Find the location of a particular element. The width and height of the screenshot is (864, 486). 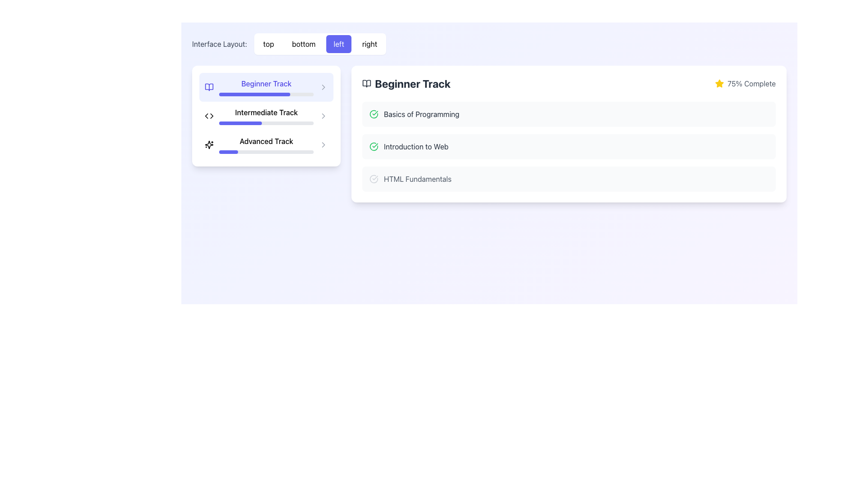

the star icon with a filled yellow body and yellow outline, located to the left of the text '75% Complete' in the 'Beginner Track' panel is located at coordinates (719, 83).